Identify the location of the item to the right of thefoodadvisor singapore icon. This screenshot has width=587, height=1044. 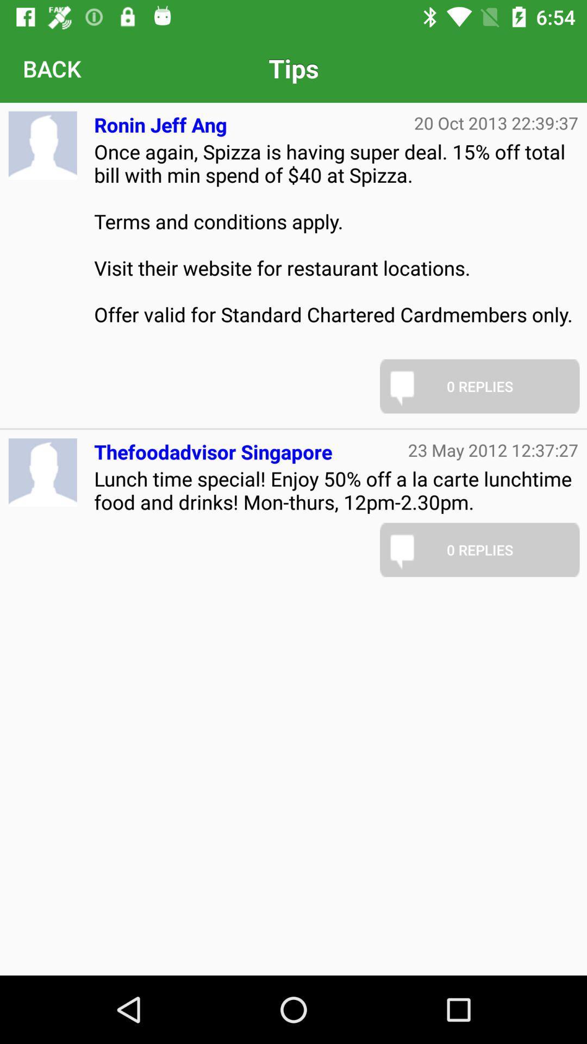
(493, 450).